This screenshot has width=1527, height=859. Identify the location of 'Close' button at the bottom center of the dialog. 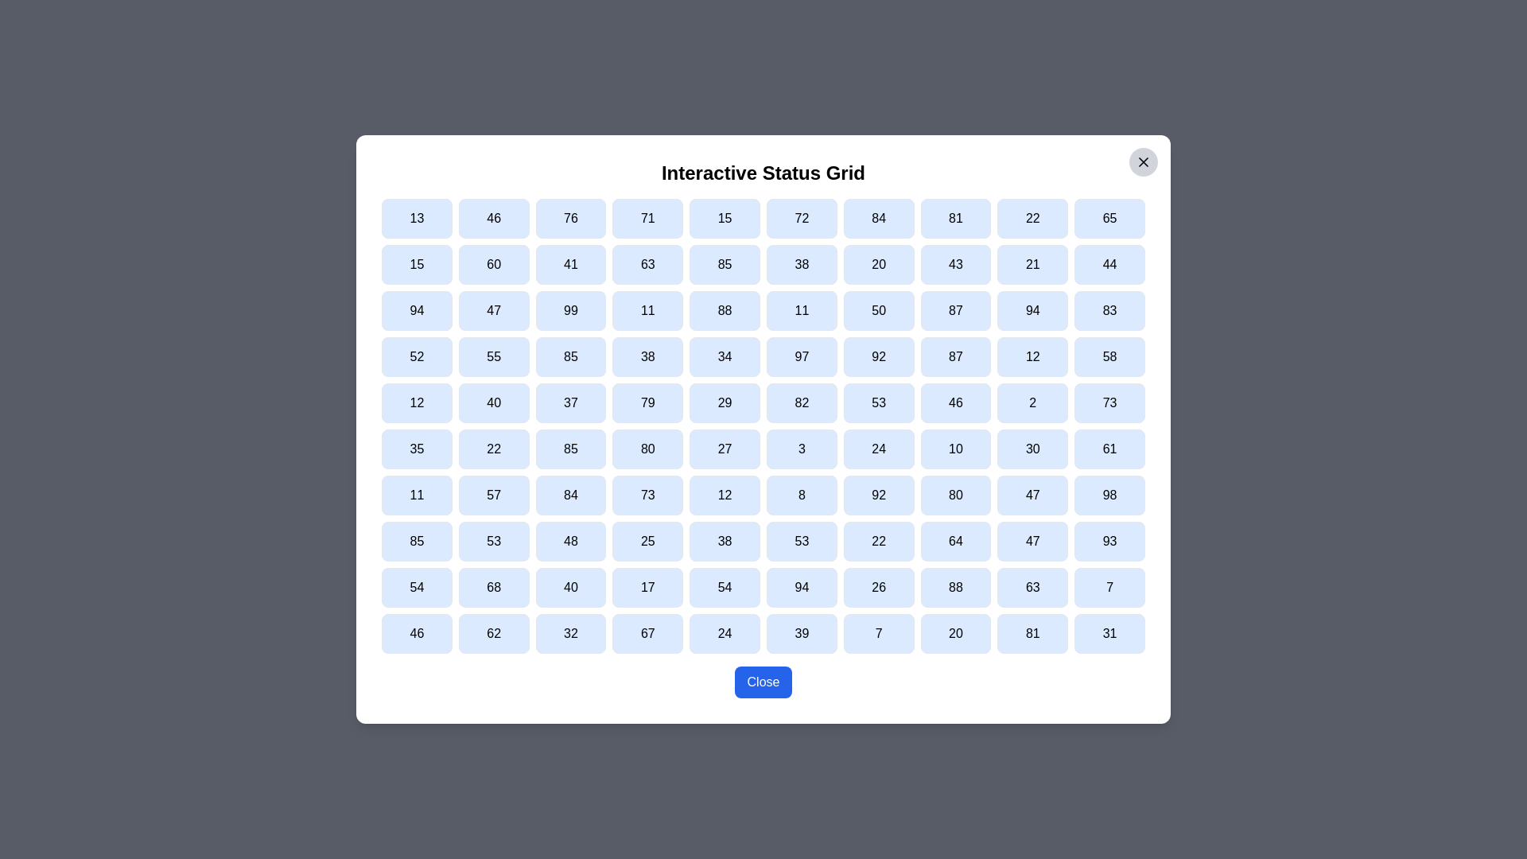
(763, 681).